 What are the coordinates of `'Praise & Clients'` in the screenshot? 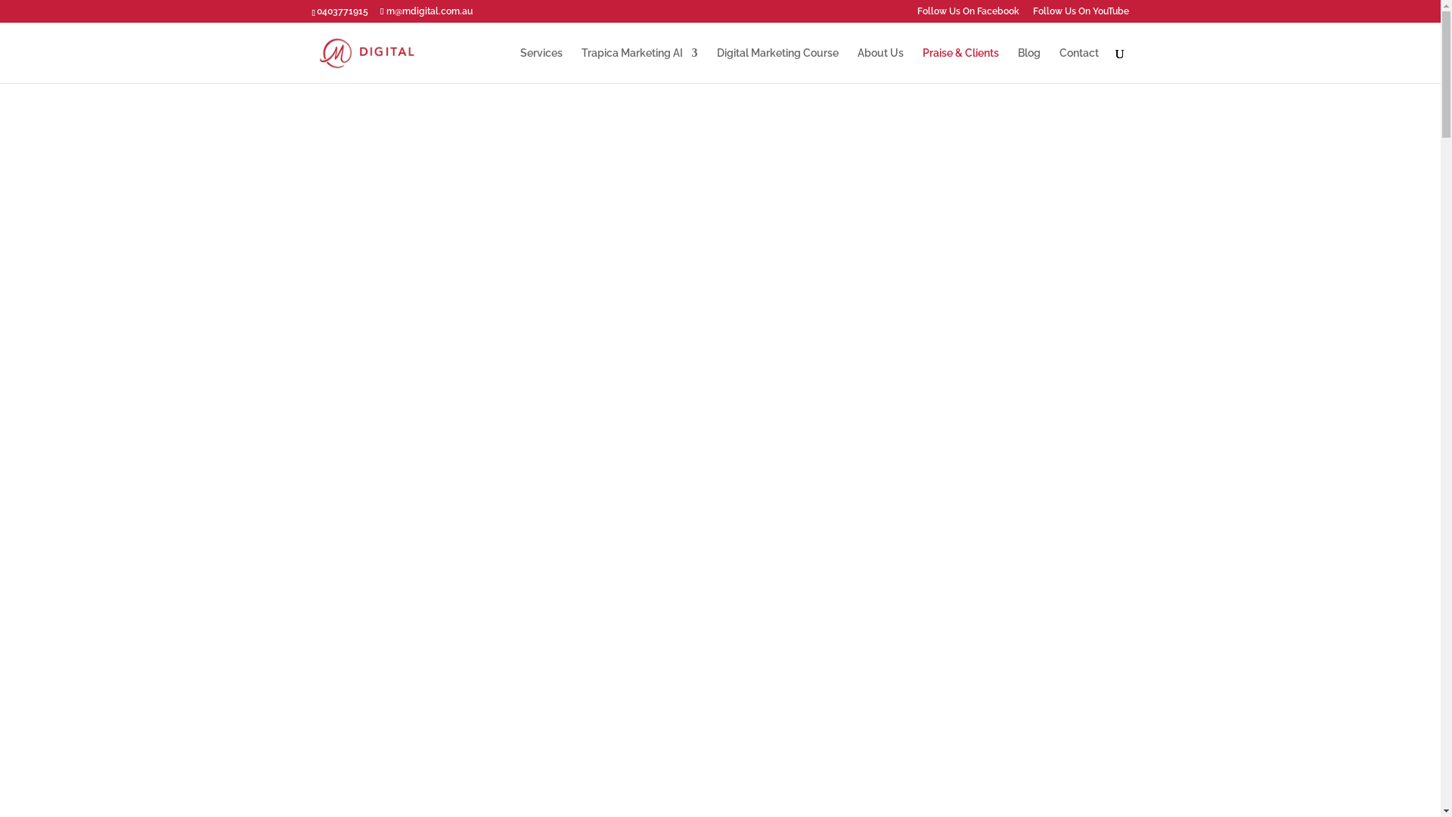 It's located at (960, 64).